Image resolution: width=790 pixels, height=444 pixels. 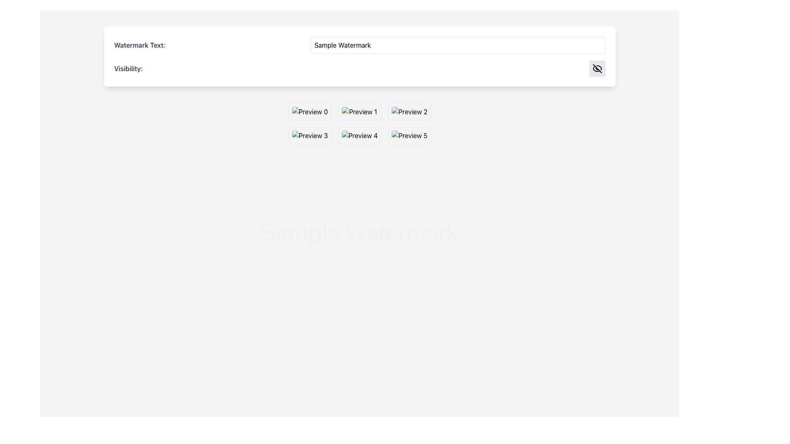 I want to click on the clickable card located in the second row and second column of a 3x2 grid structure, positioned below the second card in the first row, so click(x=360, y=135).